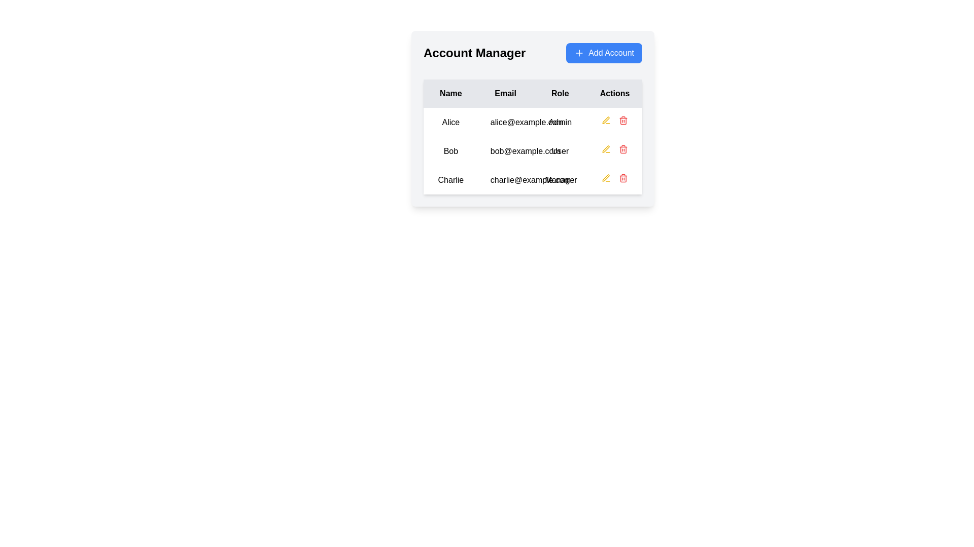  Describe the element at coordinates (579, 53) in the screenshot. I see `the '+' icon that is styled with rounded edges and has a blue background, located near the left side of the 'Add Account' button` at that location.